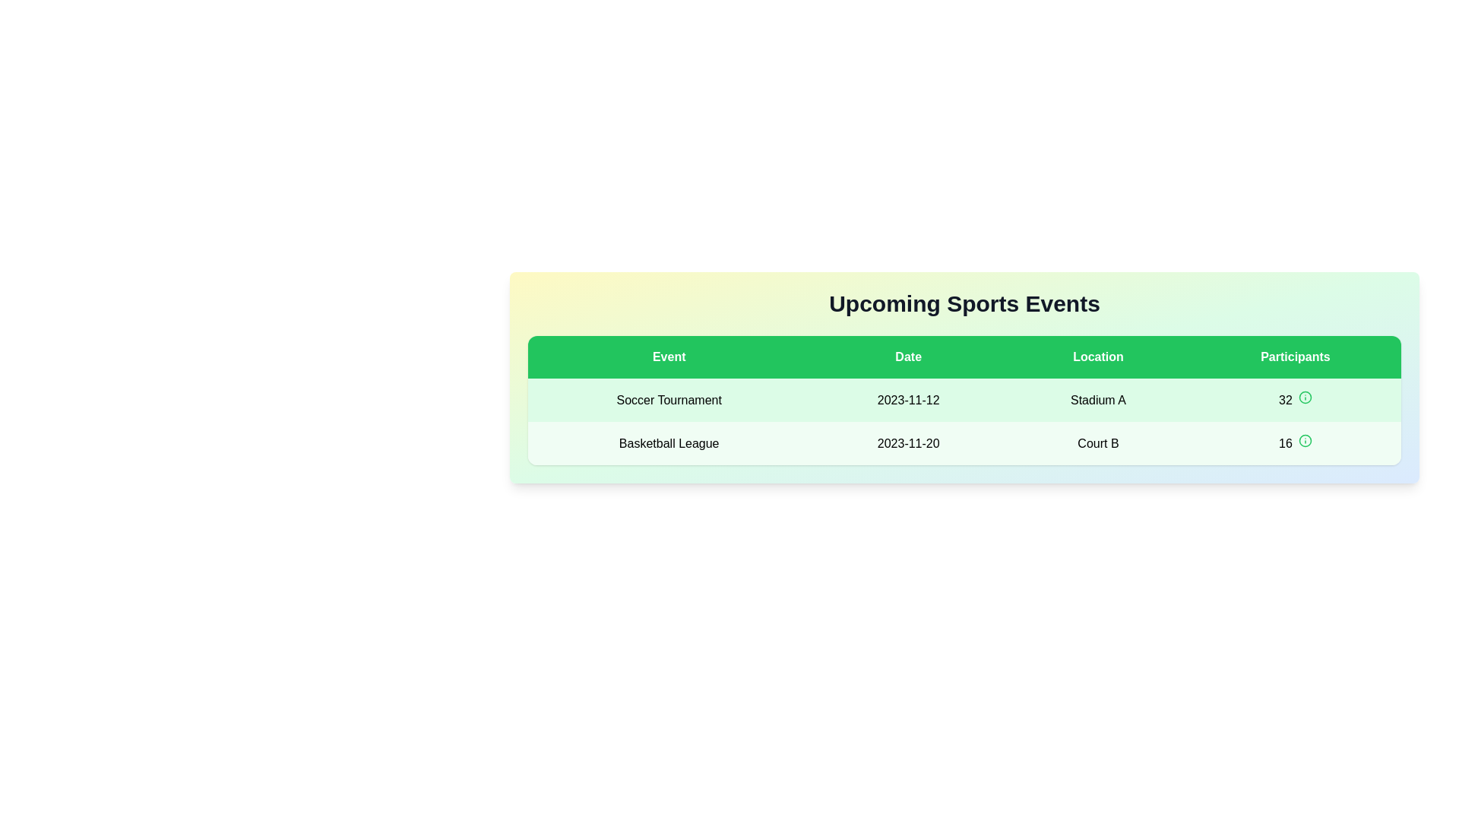 This screenshot has width=1459, height=821. I want to click on the text label displaying the date '2023-11-12' in the second column of the first row of the table, so click(908, 399).